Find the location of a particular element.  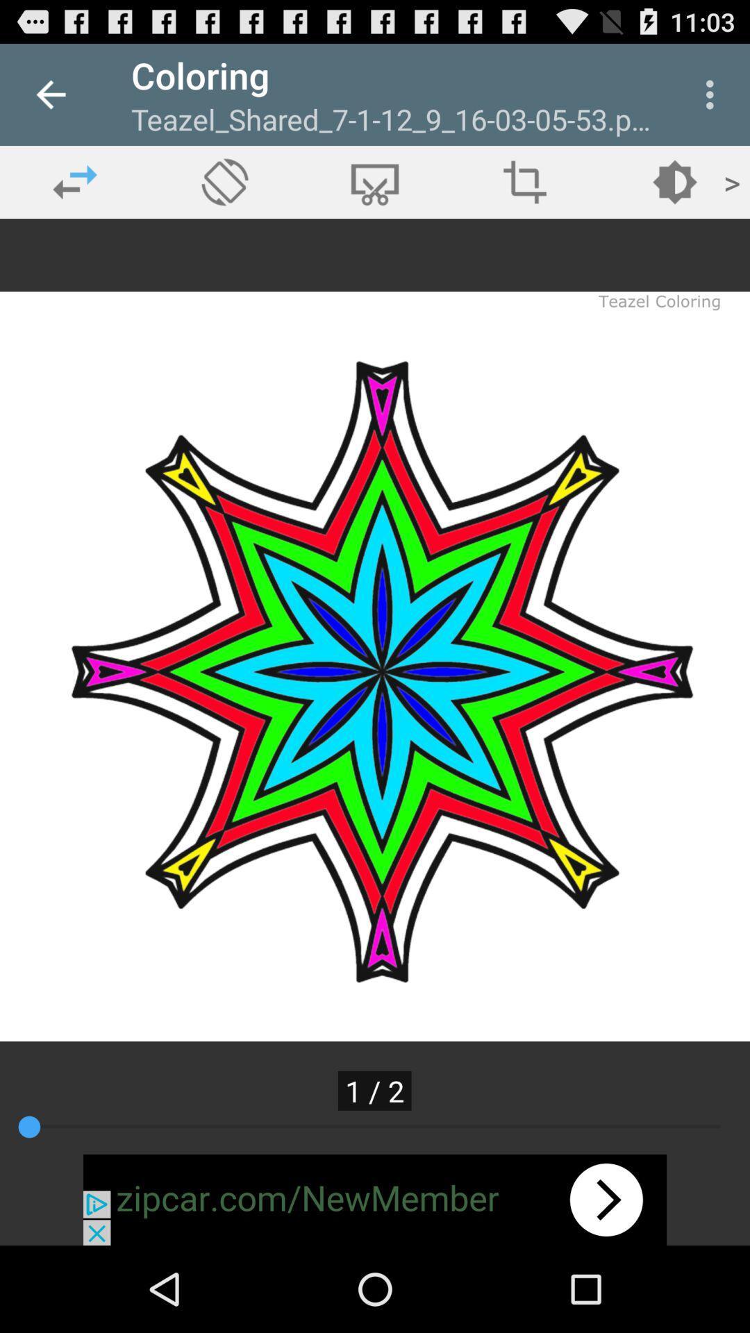

crop tool is located at coordinates (525, 181).